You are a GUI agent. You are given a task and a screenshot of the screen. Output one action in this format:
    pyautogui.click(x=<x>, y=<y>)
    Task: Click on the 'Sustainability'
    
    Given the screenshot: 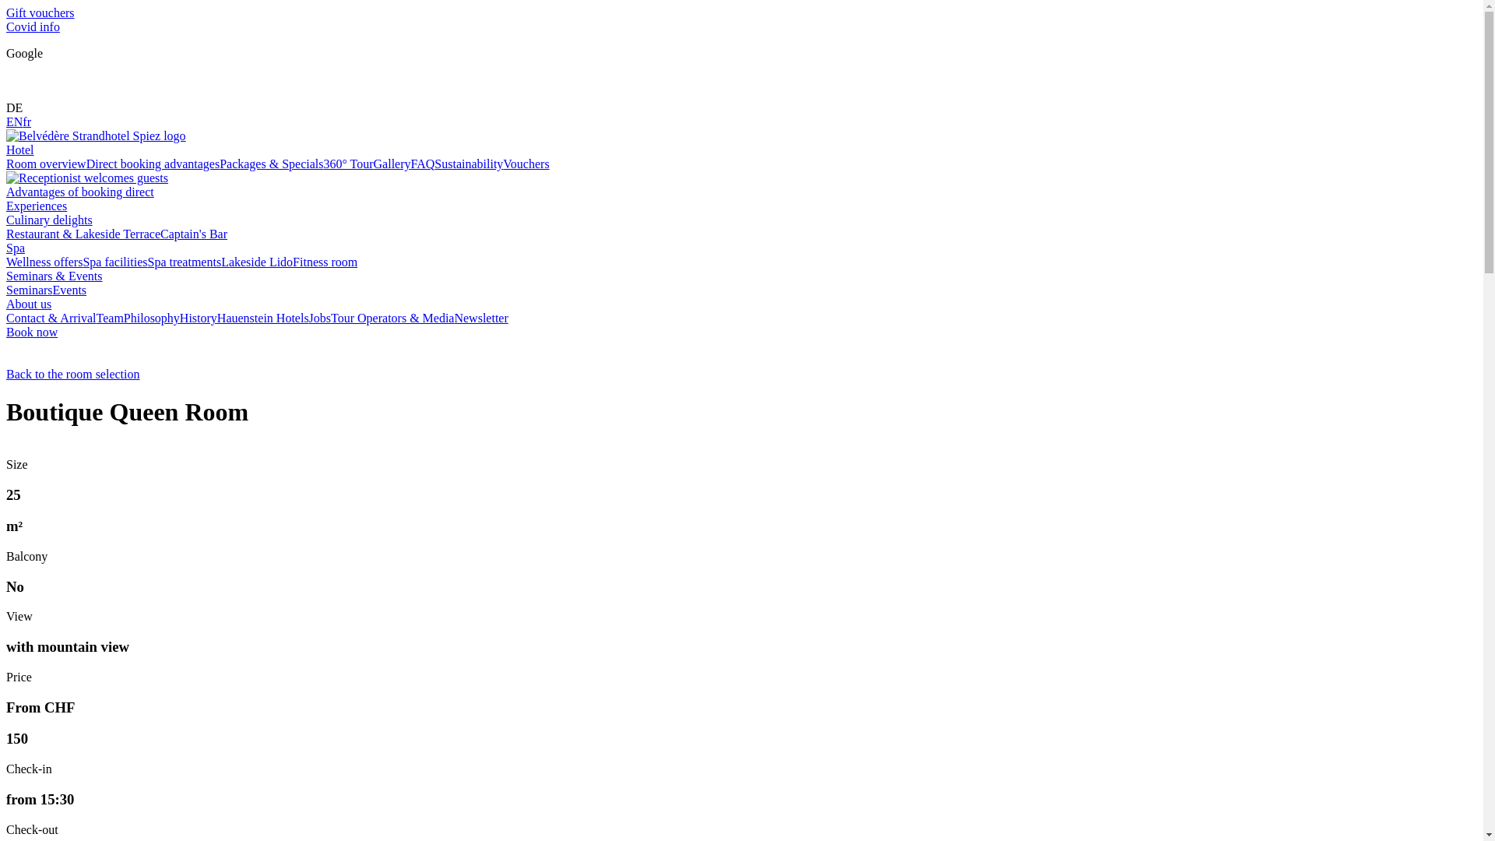 What is the action you would take?
    pyautogui.click(x=467, y=164)
    